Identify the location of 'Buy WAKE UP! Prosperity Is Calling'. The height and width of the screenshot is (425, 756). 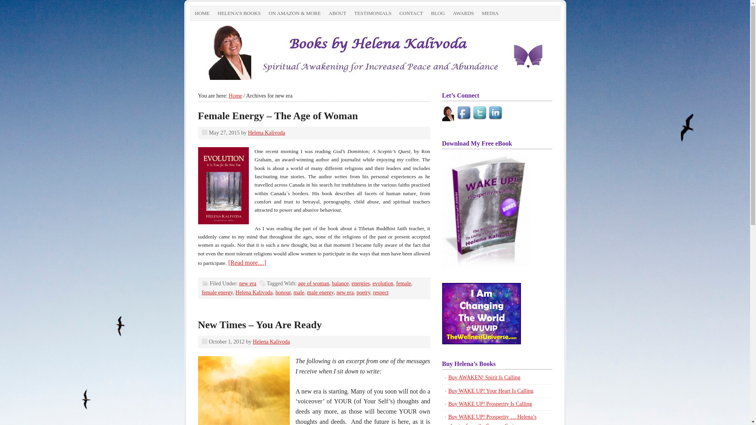
(448, 404).